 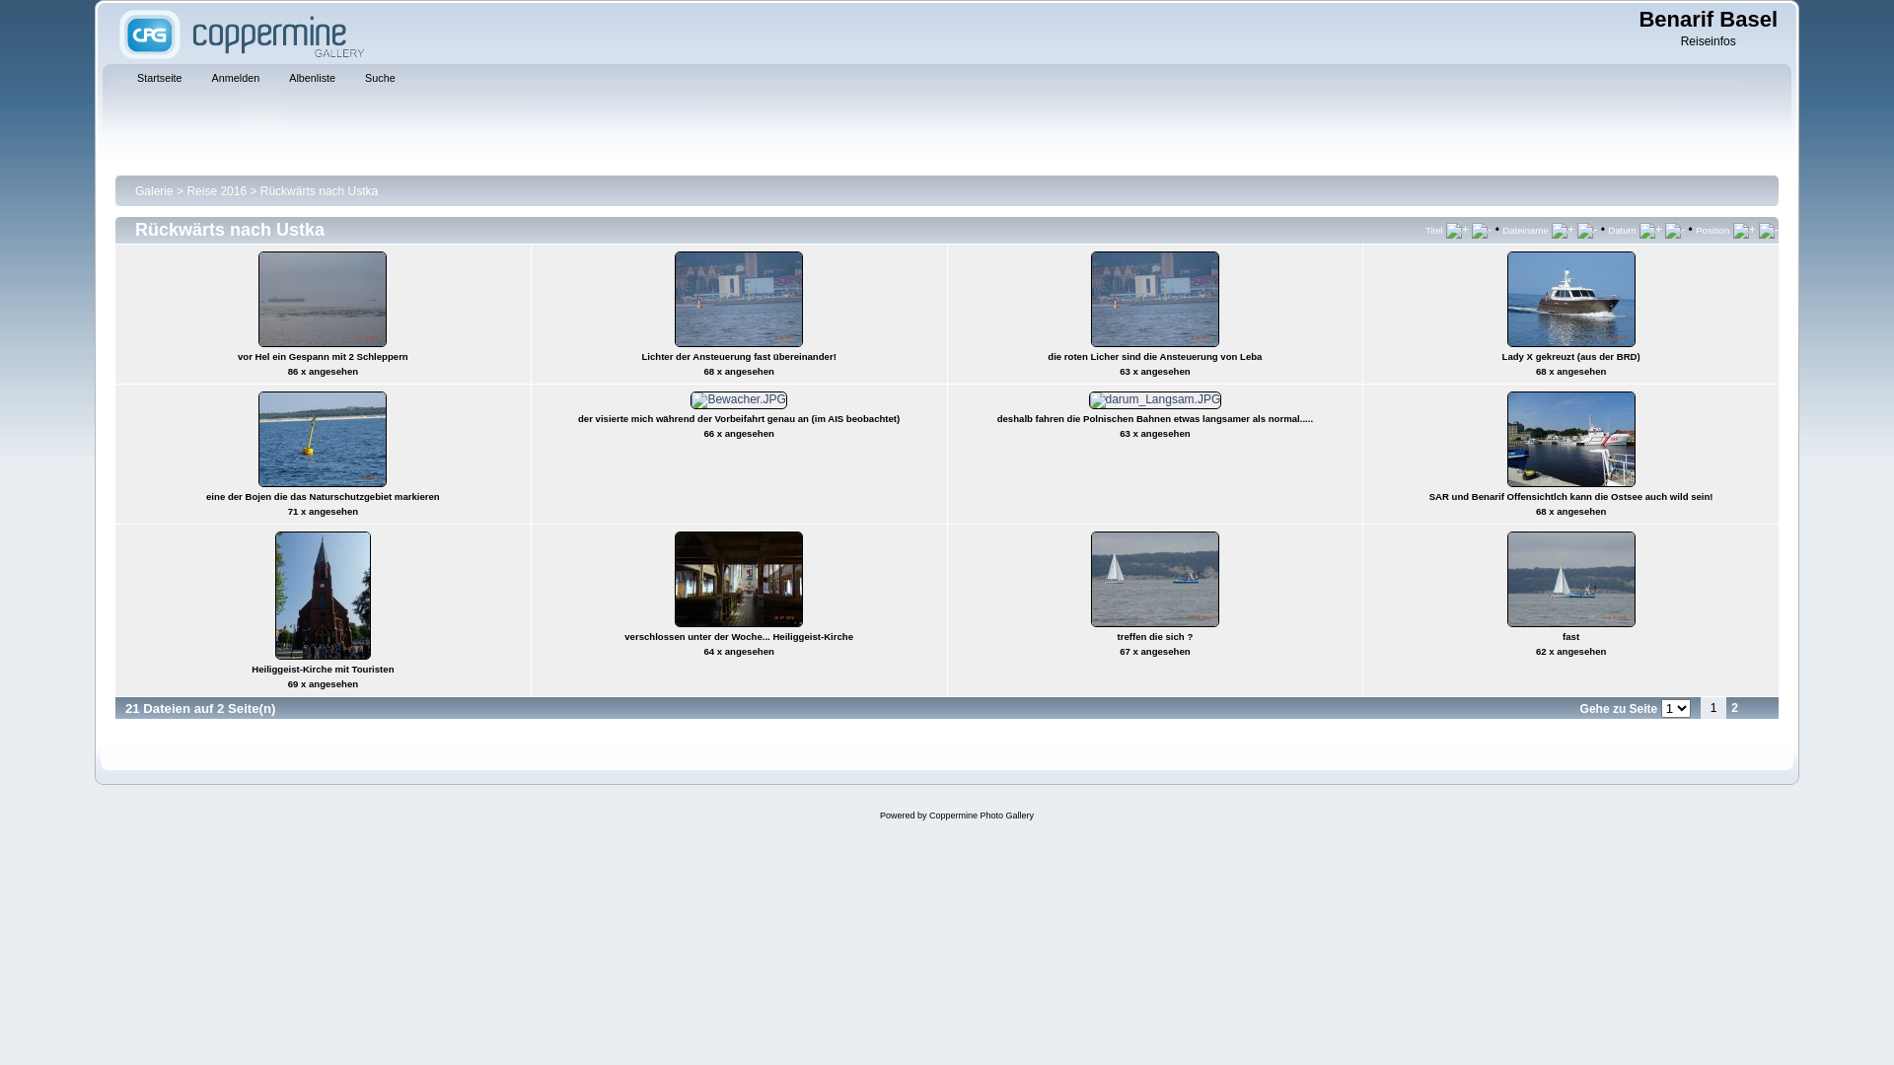 What do you see at coordinates (1562, 228) in the screenshot?
I see `'Aufsteigend nach Name sortieren'` at bounding box center [1562, 228].